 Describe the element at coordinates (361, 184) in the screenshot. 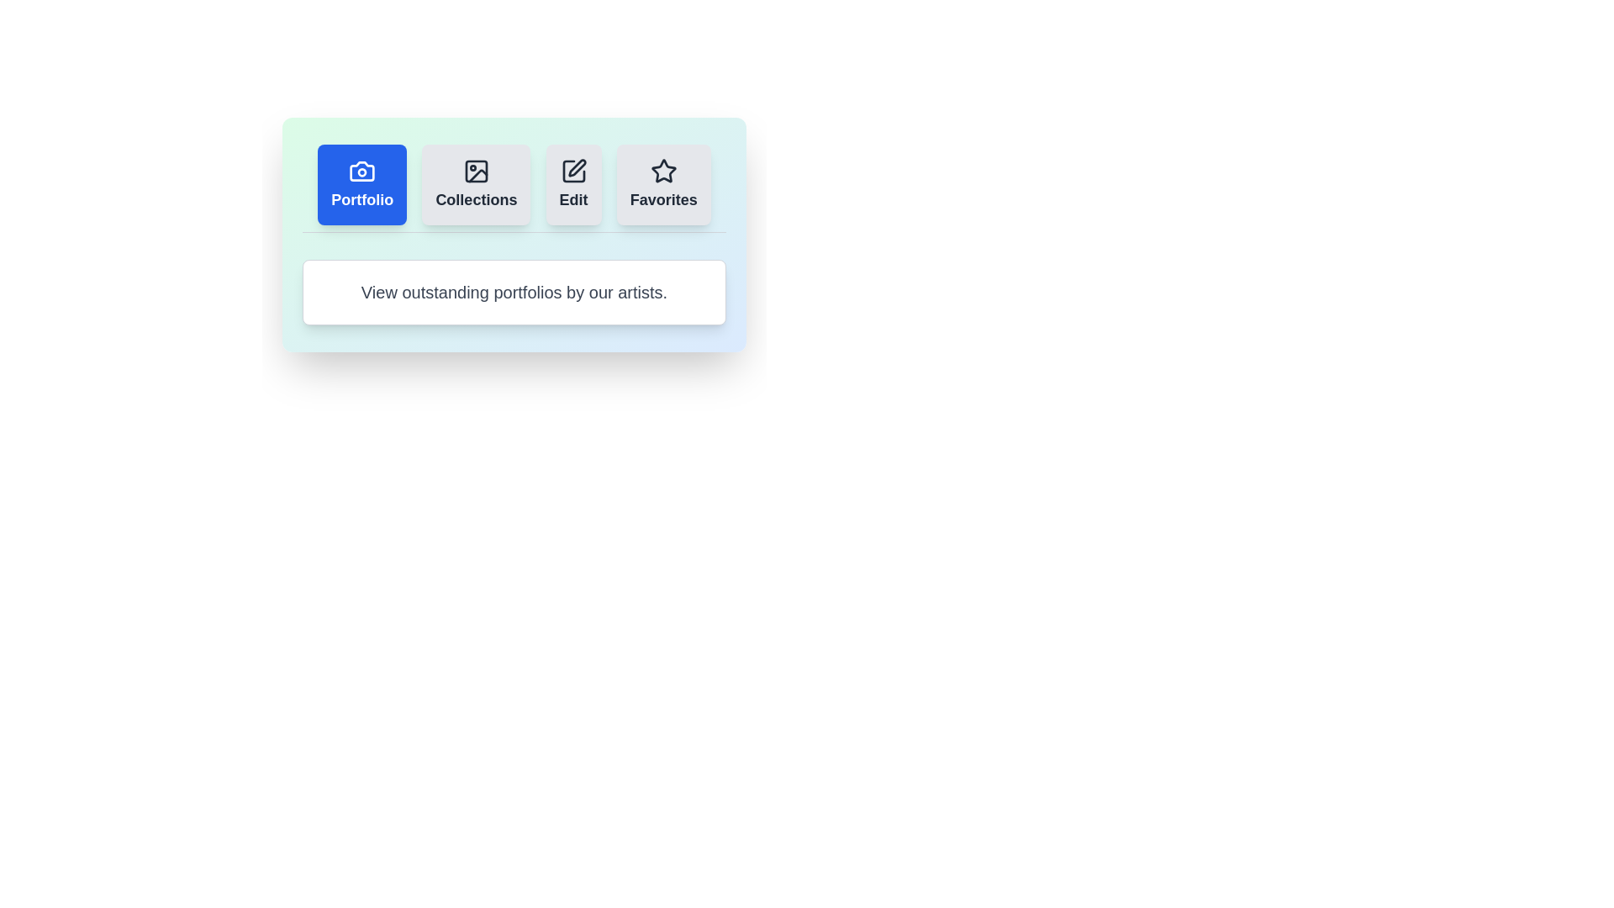

I see `the Portfolio tab by clicking on its button` at that location.